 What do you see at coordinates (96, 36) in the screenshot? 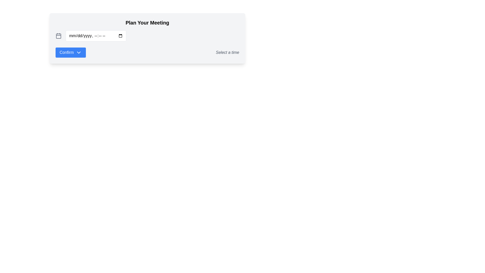
I see `the Datetime-local input field` at bounding box center [96, 36].